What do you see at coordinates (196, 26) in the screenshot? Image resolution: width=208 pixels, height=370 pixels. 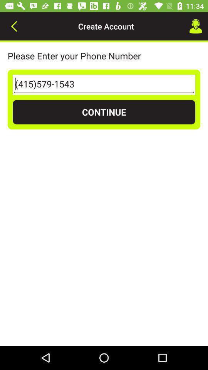 I see `item next to create account` at bounding box center [196, 26].